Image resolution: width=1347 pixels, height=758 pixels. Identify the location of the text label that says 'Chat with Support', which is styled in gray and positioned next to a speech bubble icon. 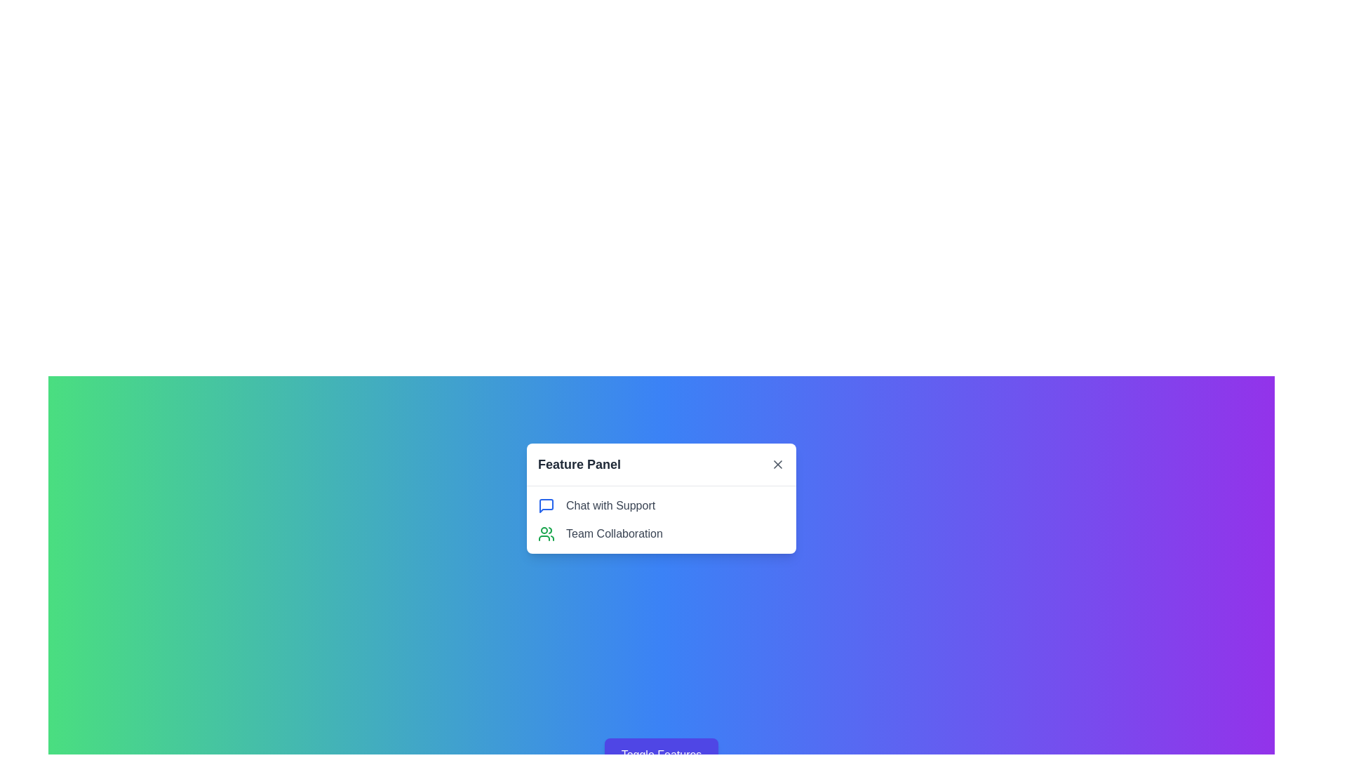
(610, 506).